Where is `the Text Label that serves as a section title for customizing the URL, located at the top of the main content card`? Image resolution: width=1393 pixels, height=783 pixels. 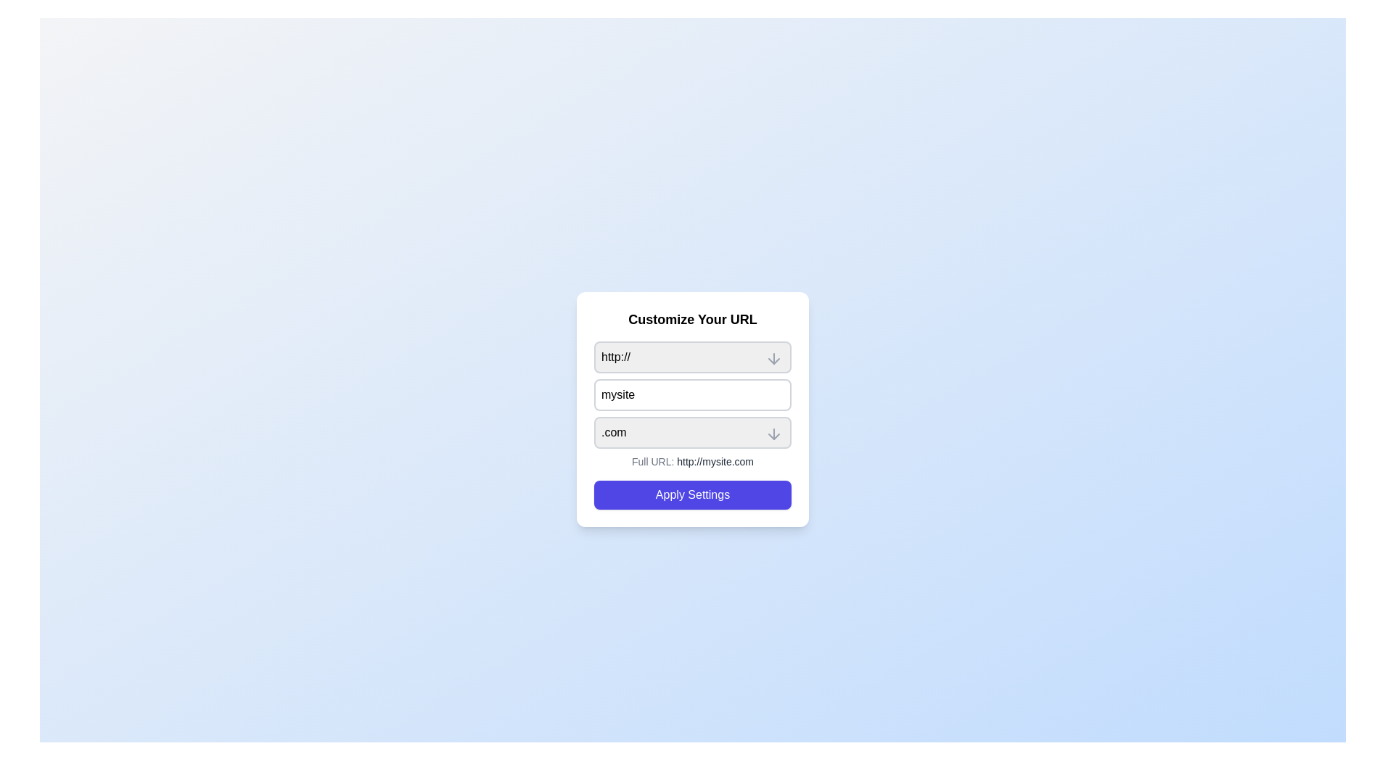
the Text Label that serves as a section title for customizing the URL, located at the top of the main content card is located at coordinates (692, 318).